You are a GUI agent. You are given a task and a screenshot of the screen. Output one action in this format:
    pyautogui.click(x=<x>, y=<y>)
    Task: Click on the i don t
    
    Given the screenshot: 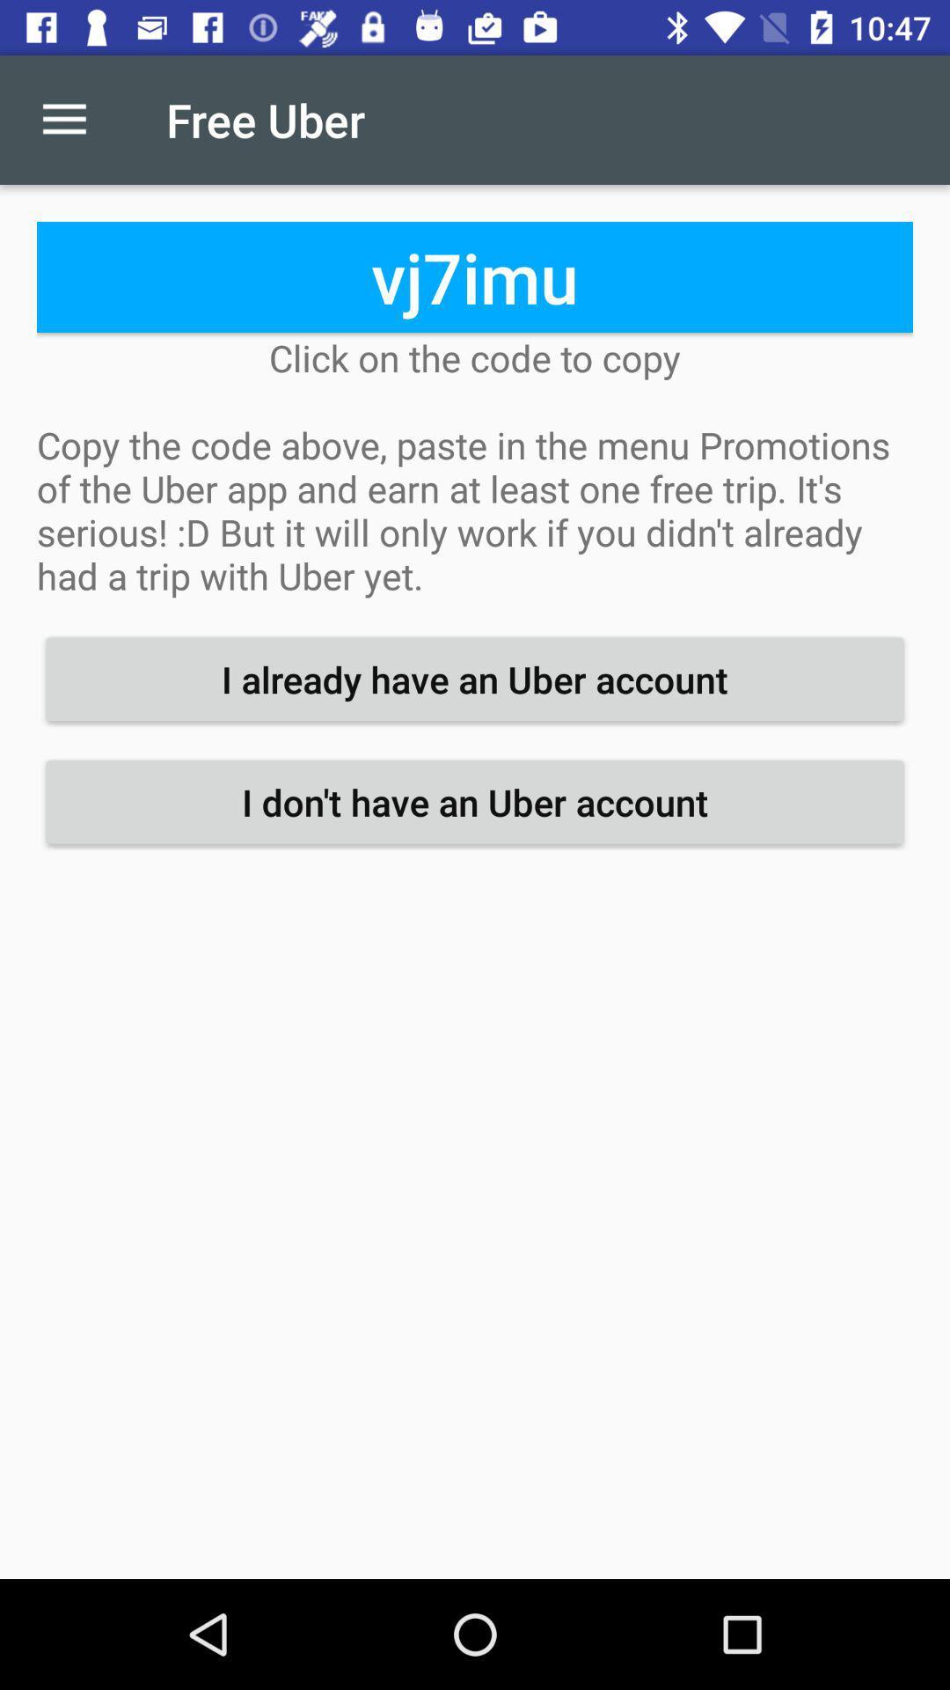 What is the action you would take?
    pyautogui.click(x=475, y=801)
    